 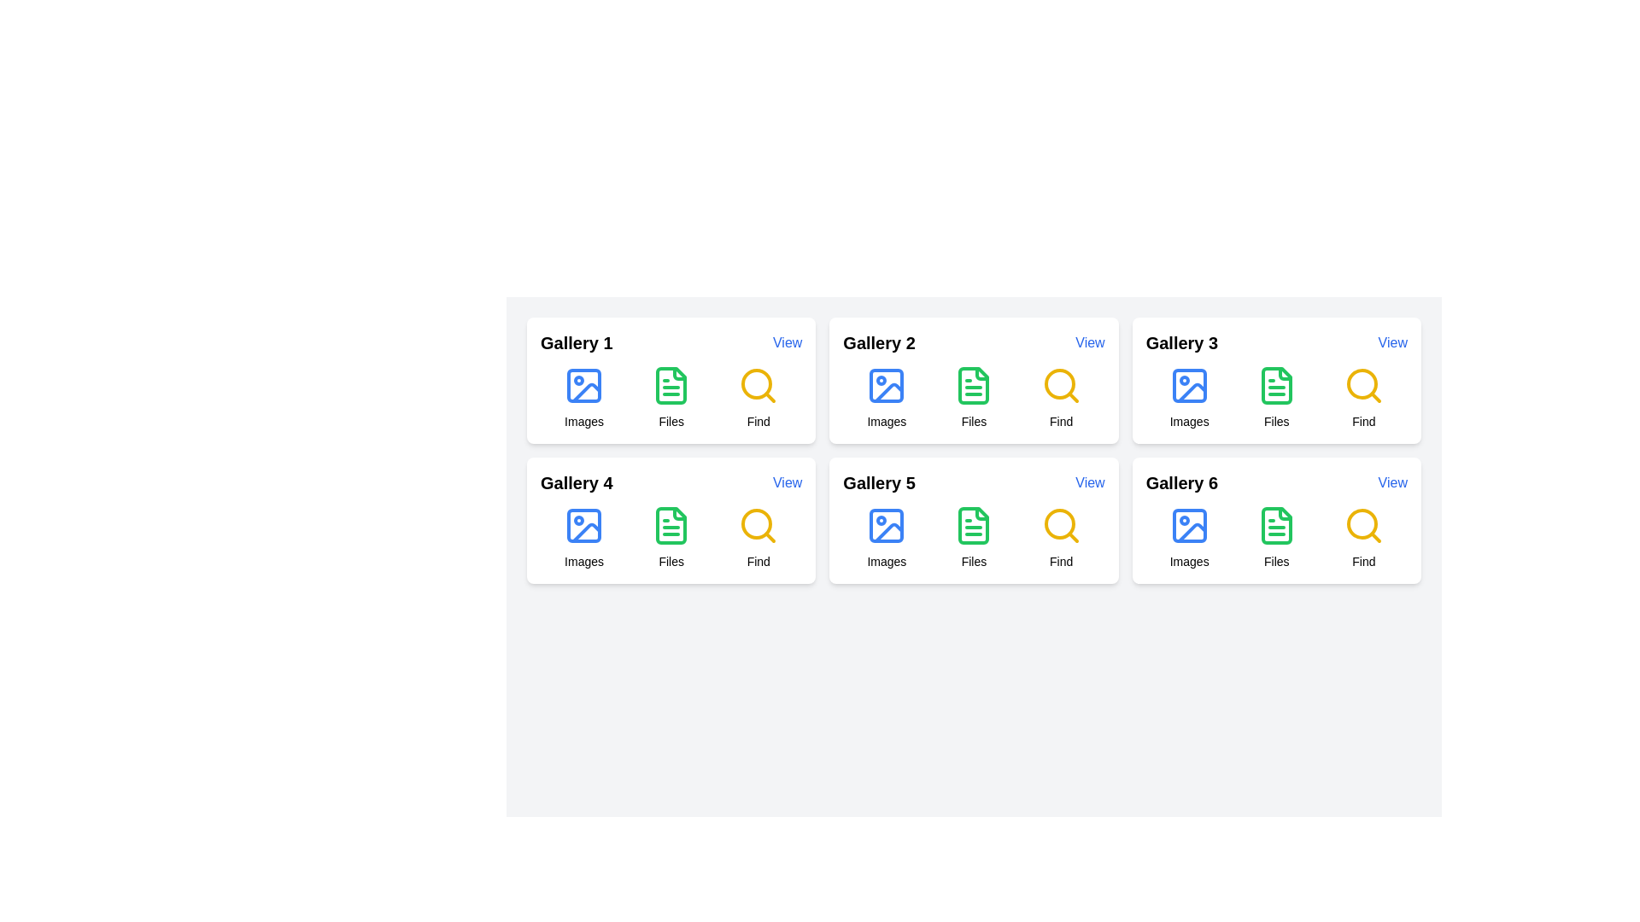 I want to click on the decorative shape located within the icon group of Gallery 5 at the top-left corner, which adds visual distinction to the image icon, so click(x=887, y=525).